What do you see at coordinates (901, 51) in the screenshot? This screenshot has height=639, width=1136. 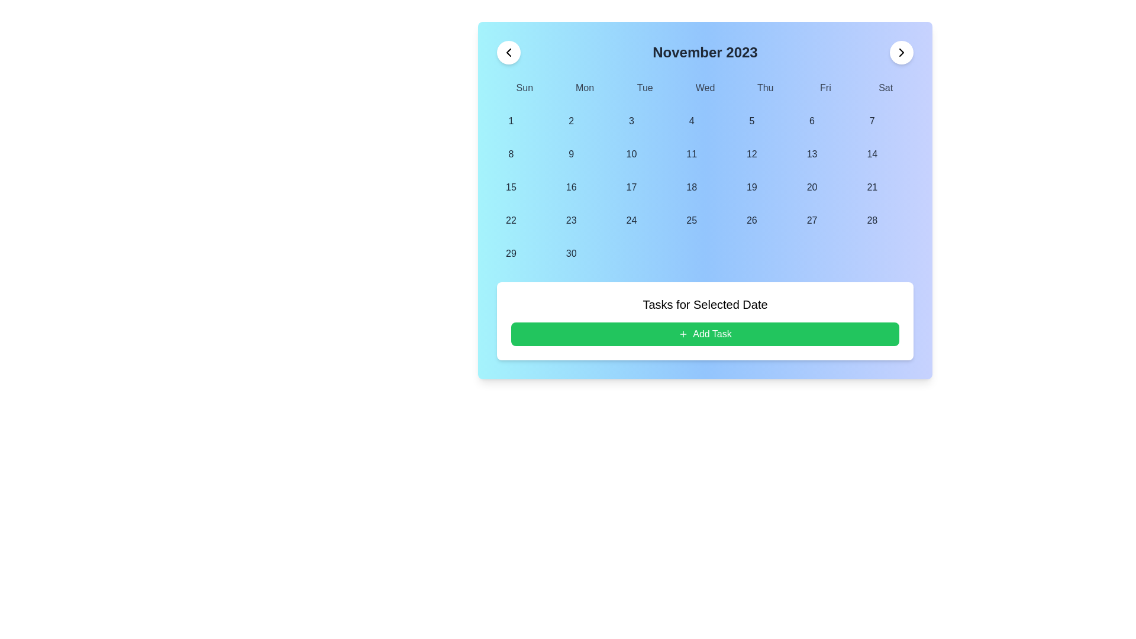 I see `the button that navigates to the next month in the calendar view, located at the top-right corner of the calendar interface, next to the 'November 2023' text` at bounding box center [901, 51].